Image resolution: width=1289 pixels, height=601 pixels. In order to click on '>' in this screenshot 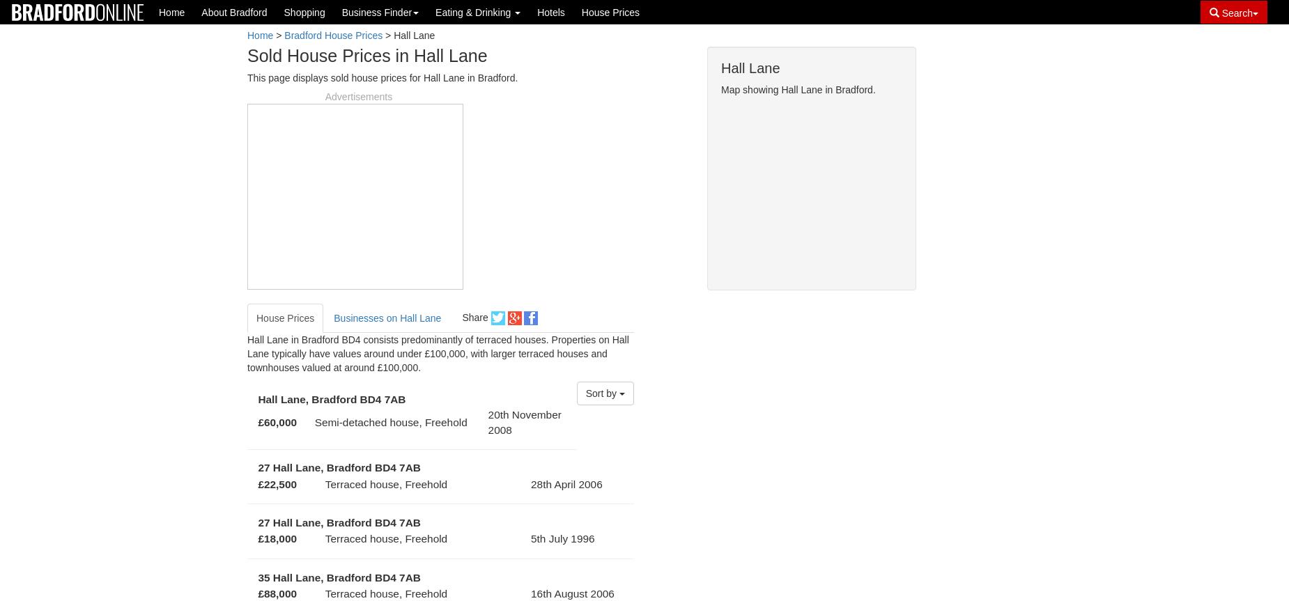, I will do `click(272, 36)`.